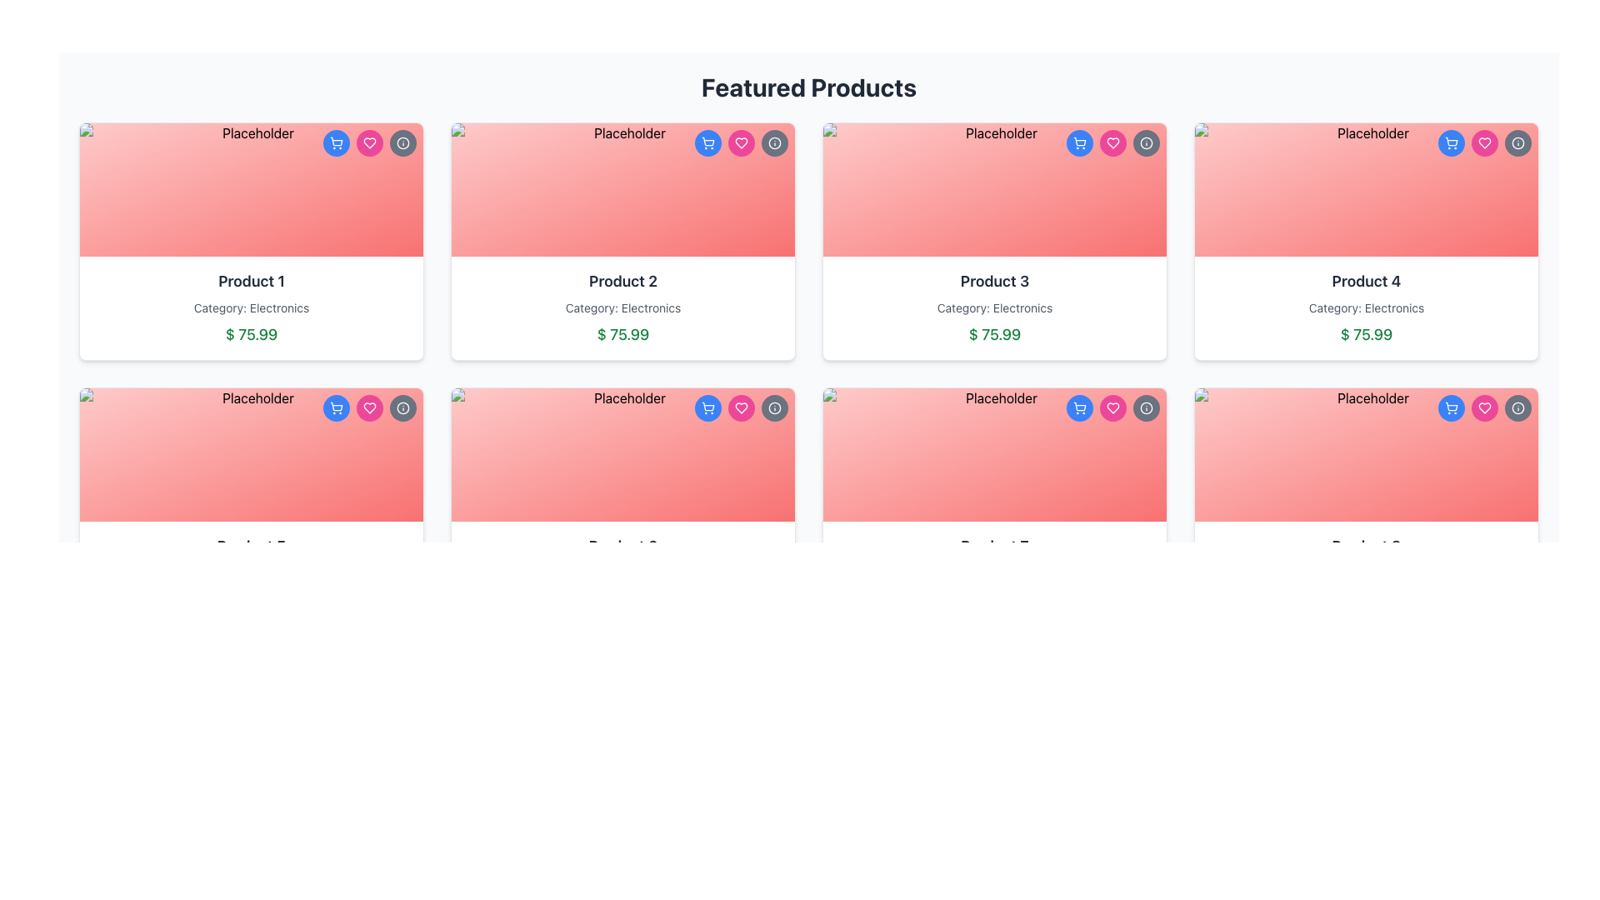  Describe the element at coordinates (622, 281) in the screenshot. I see `the Static Text Label that displays the product name in the second card of the grid layout, located in the middle row and second column` at that location.